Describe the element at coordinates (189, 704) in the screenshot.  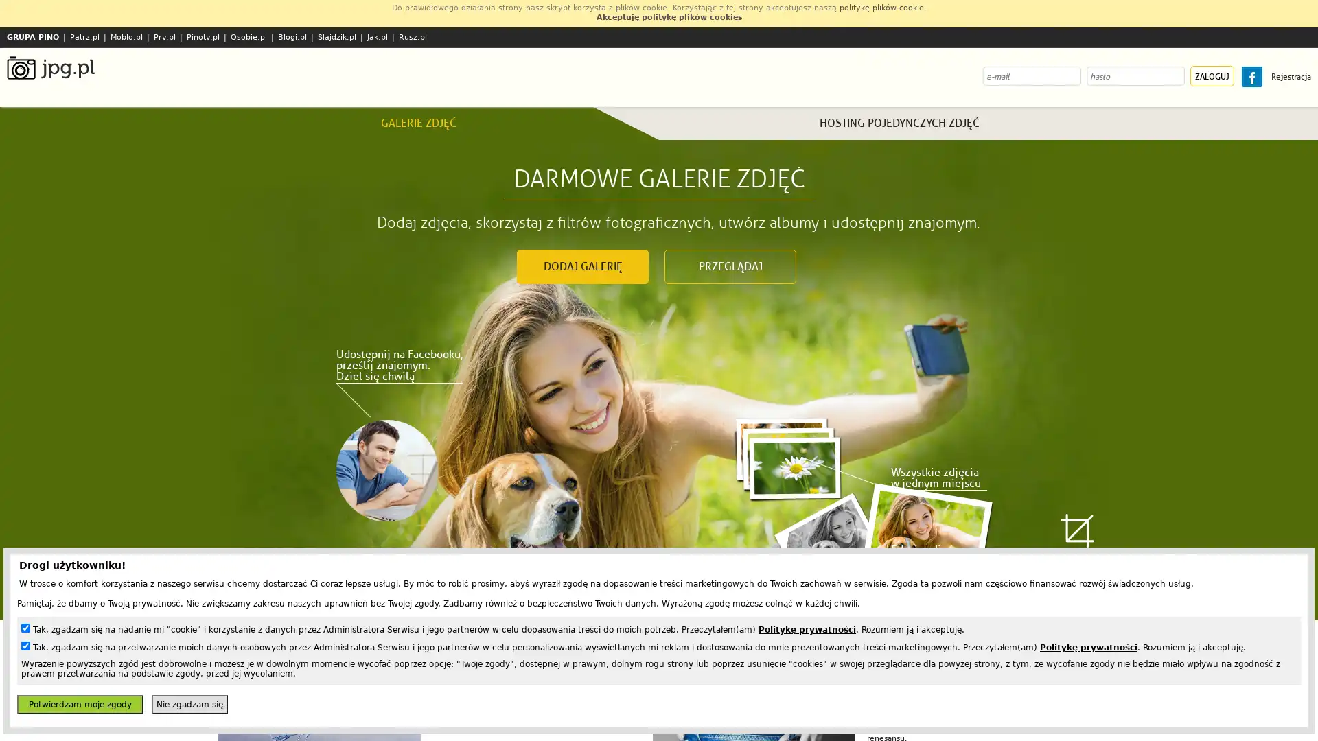
I see `Nie zgadzam sie` at that location.